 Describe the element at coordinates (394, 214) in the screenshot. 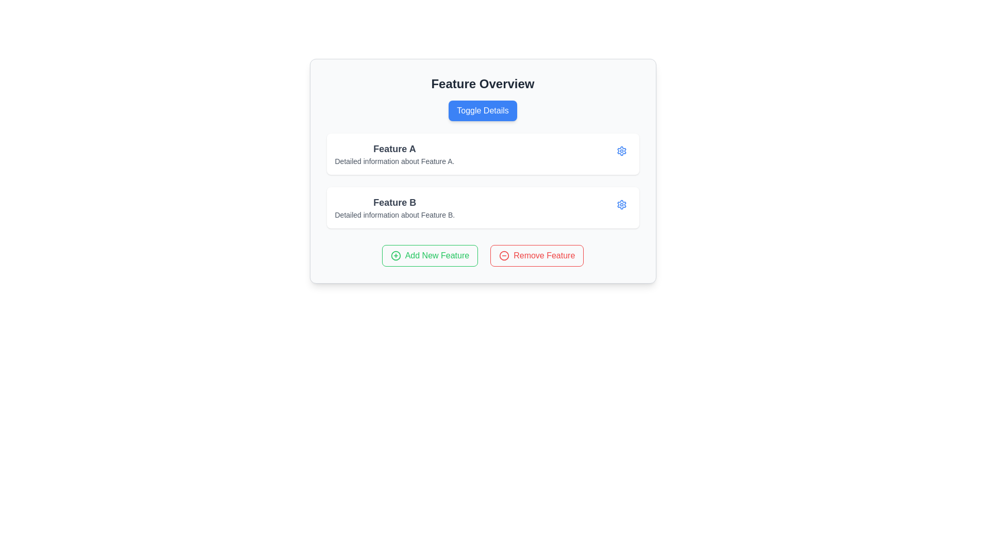

I see `static descriptive information about 'Feature B' located in the second position under the 'Feature Overview' section, specifically the second line of text directly below the title 'Feature B.'` at that location.